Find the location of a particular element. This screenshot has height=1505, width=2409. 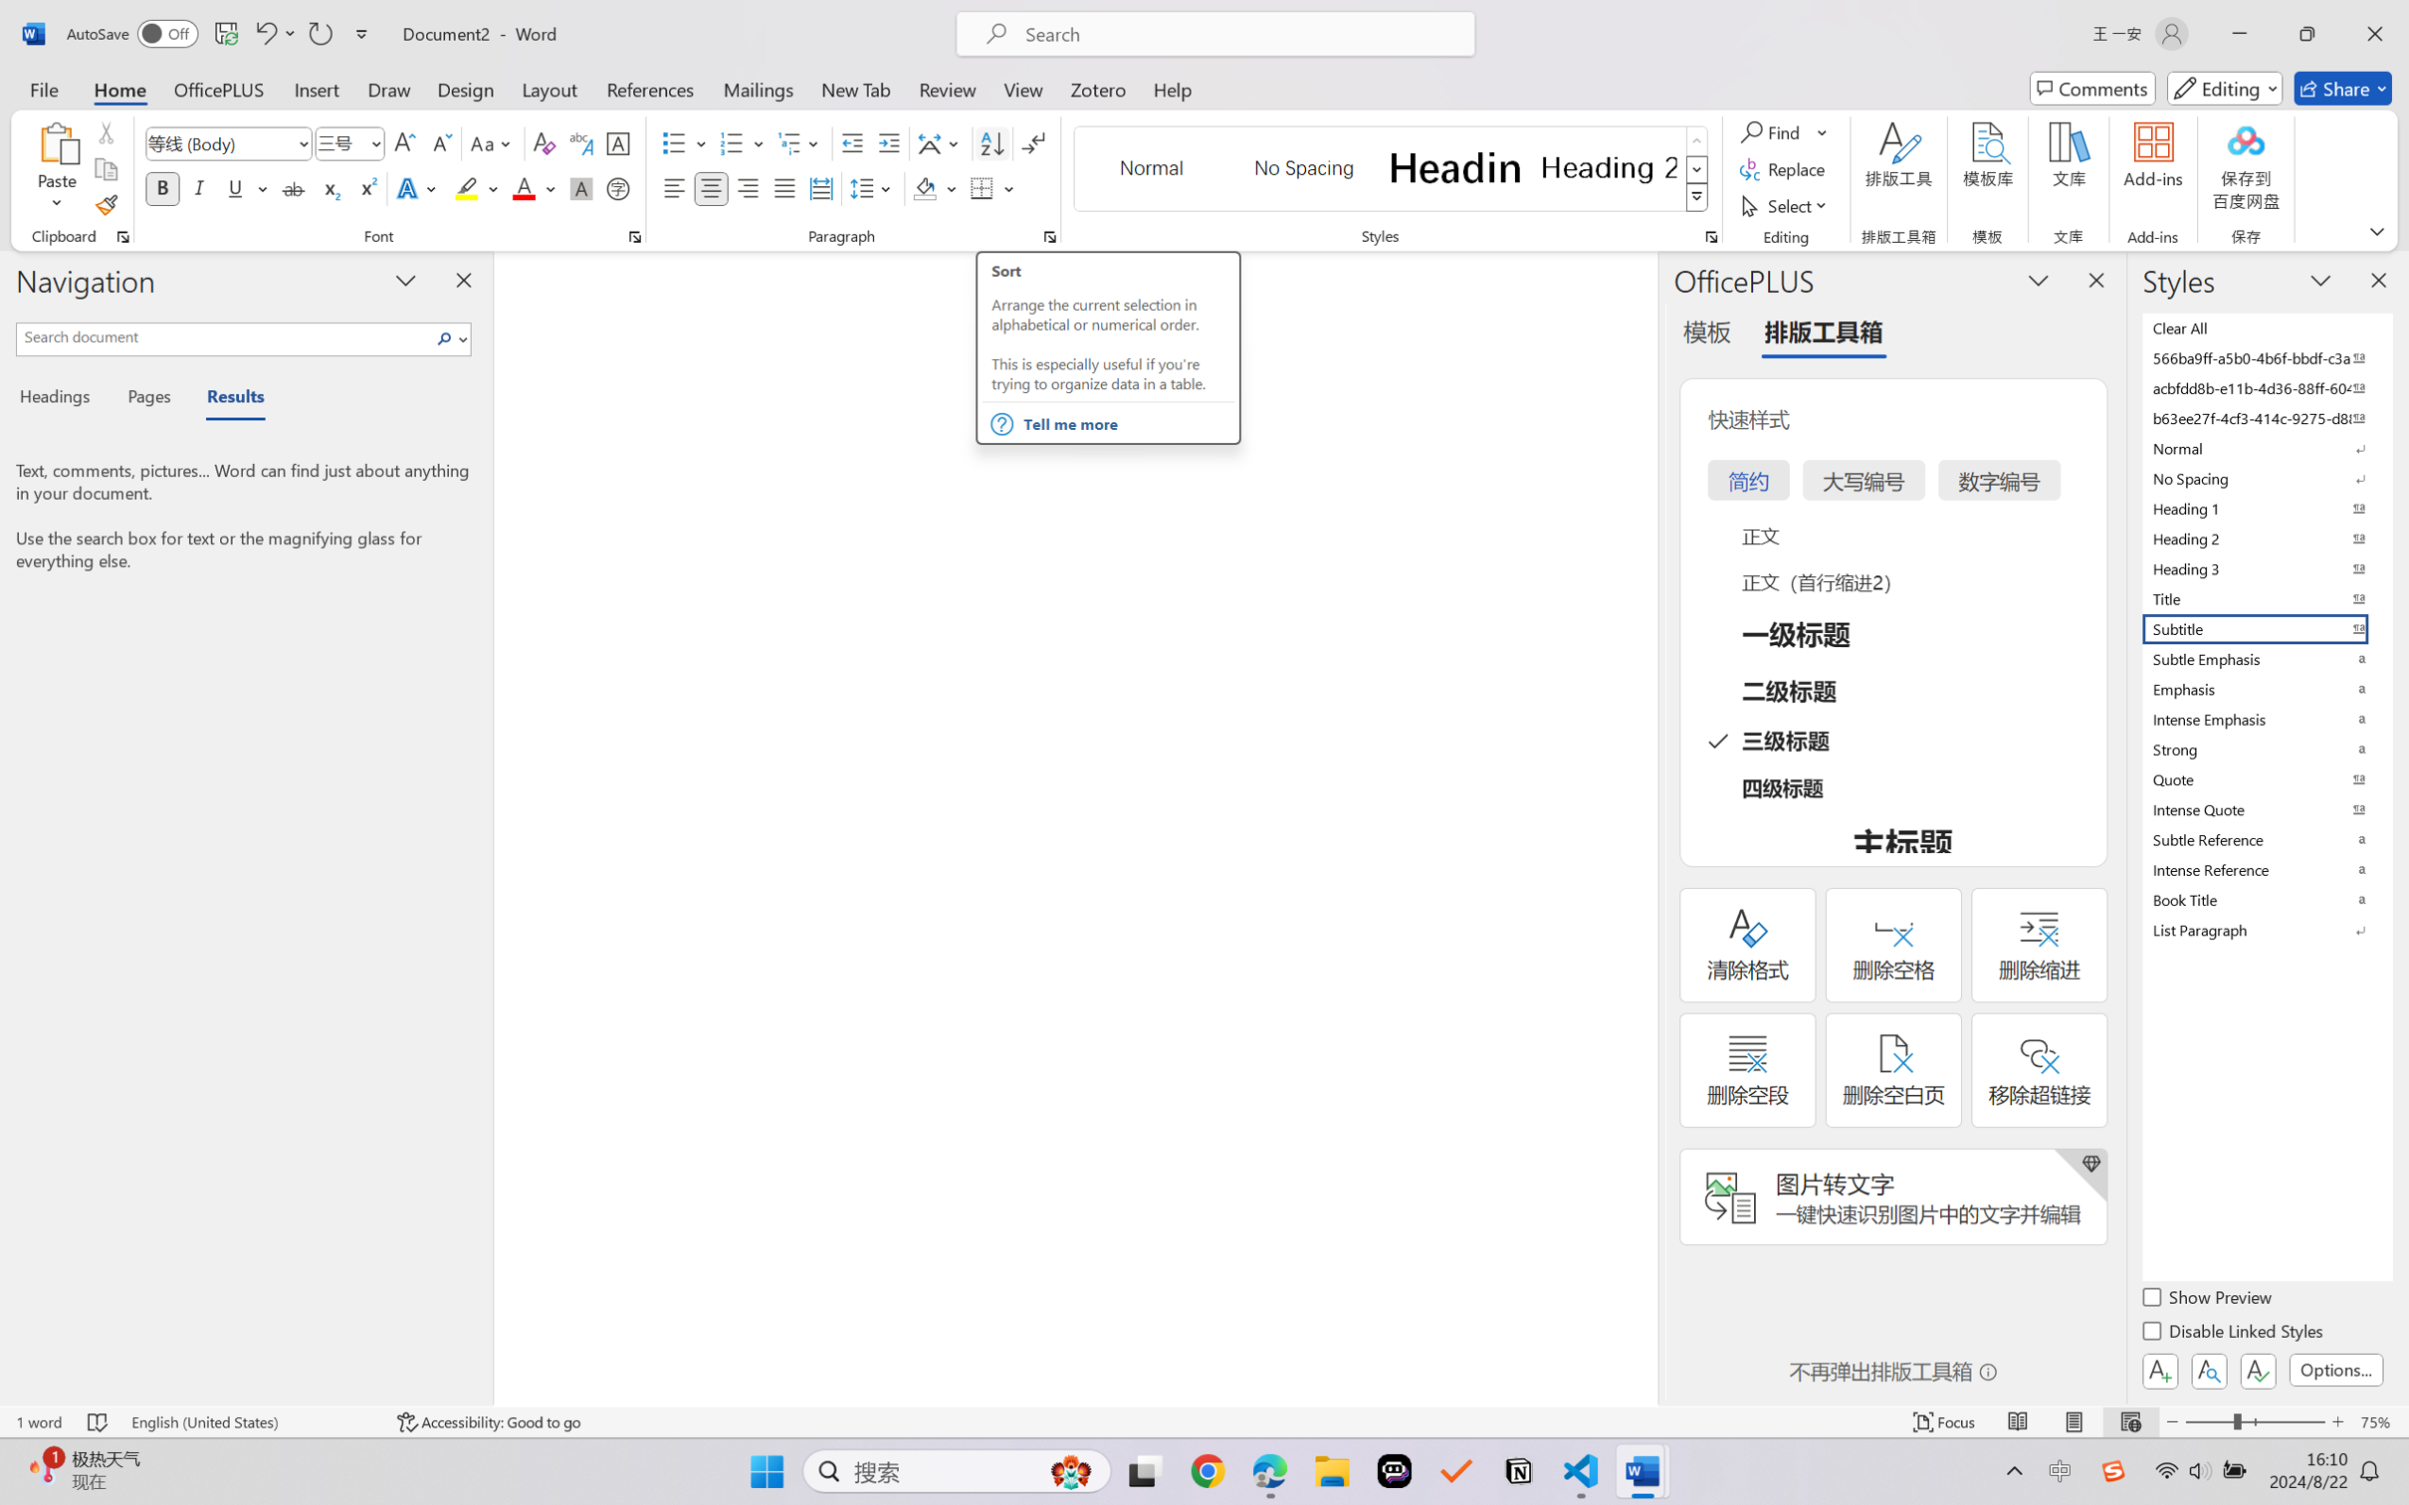

'Numbering' is located at coordinates (732, 143).